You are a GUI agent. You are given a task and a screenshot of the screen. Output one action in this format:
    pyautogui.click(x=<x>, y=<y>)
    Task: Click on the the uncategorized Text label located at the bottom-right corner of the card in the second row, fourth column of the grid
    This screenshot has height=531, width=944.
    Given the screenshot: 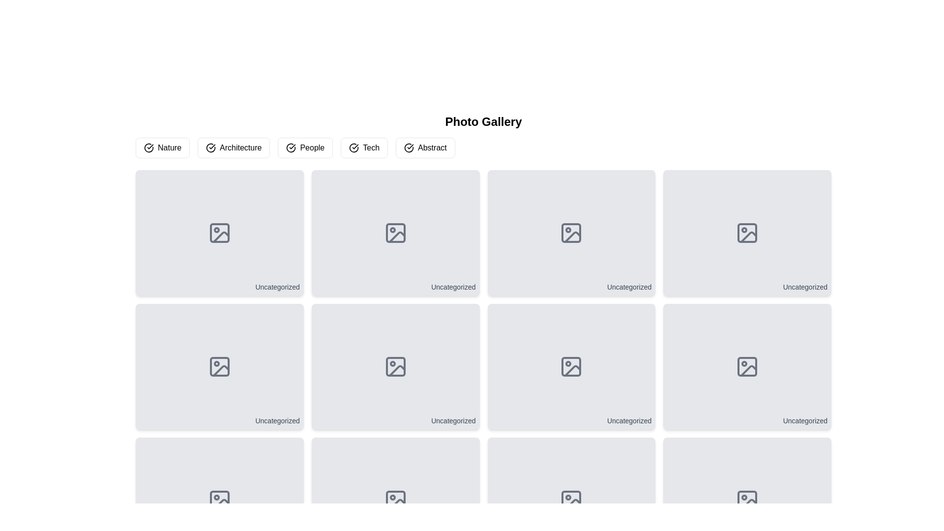 What is the action you would take?
    pyautogui.click(x=453, y=420)
    